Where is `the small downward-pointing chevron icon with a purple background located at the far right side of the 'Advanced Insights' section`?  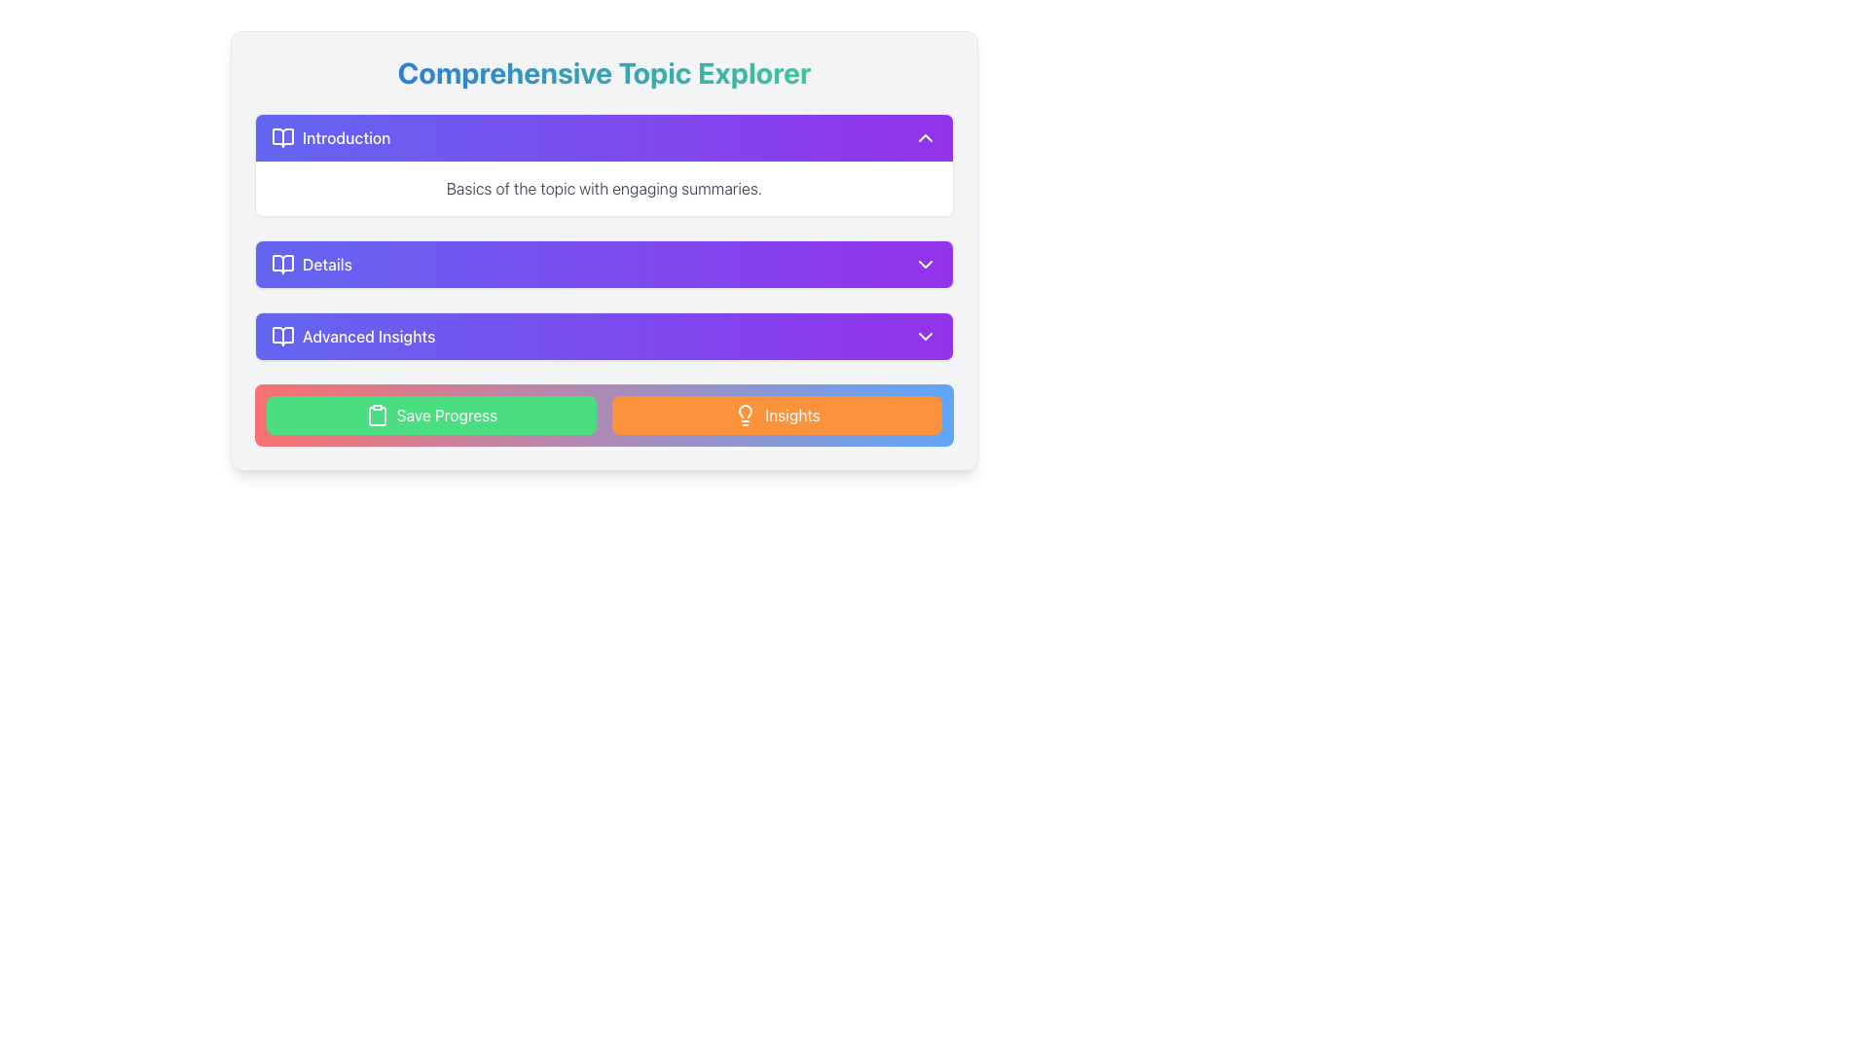
the small downward-pointing chevron icon with a purple background located at the far right side of the 'Advanced Insights' section is located at coordinates (924, 336).